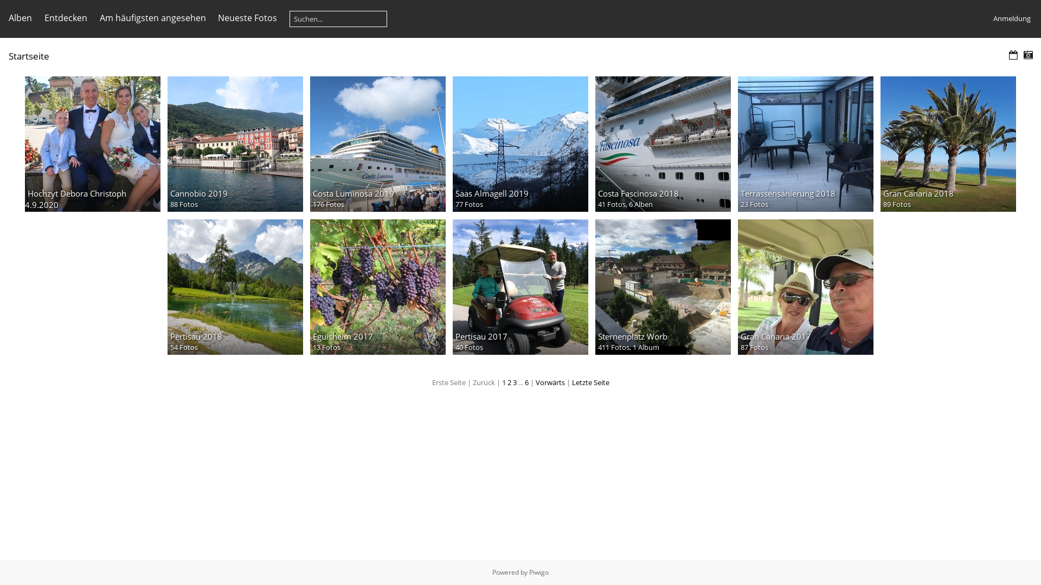  What do you see at coordinates (20, 18) in the screenshot?
I see `'Alben'` at bounding box center [20, 18].